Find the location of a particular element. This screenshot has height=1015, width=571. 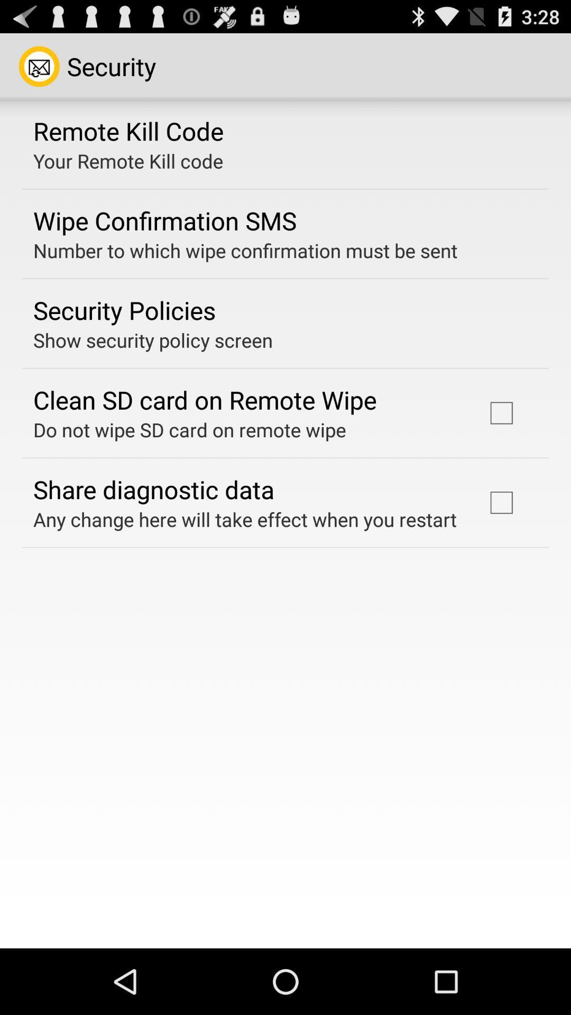

any change here is located at coordinates (245, 519).